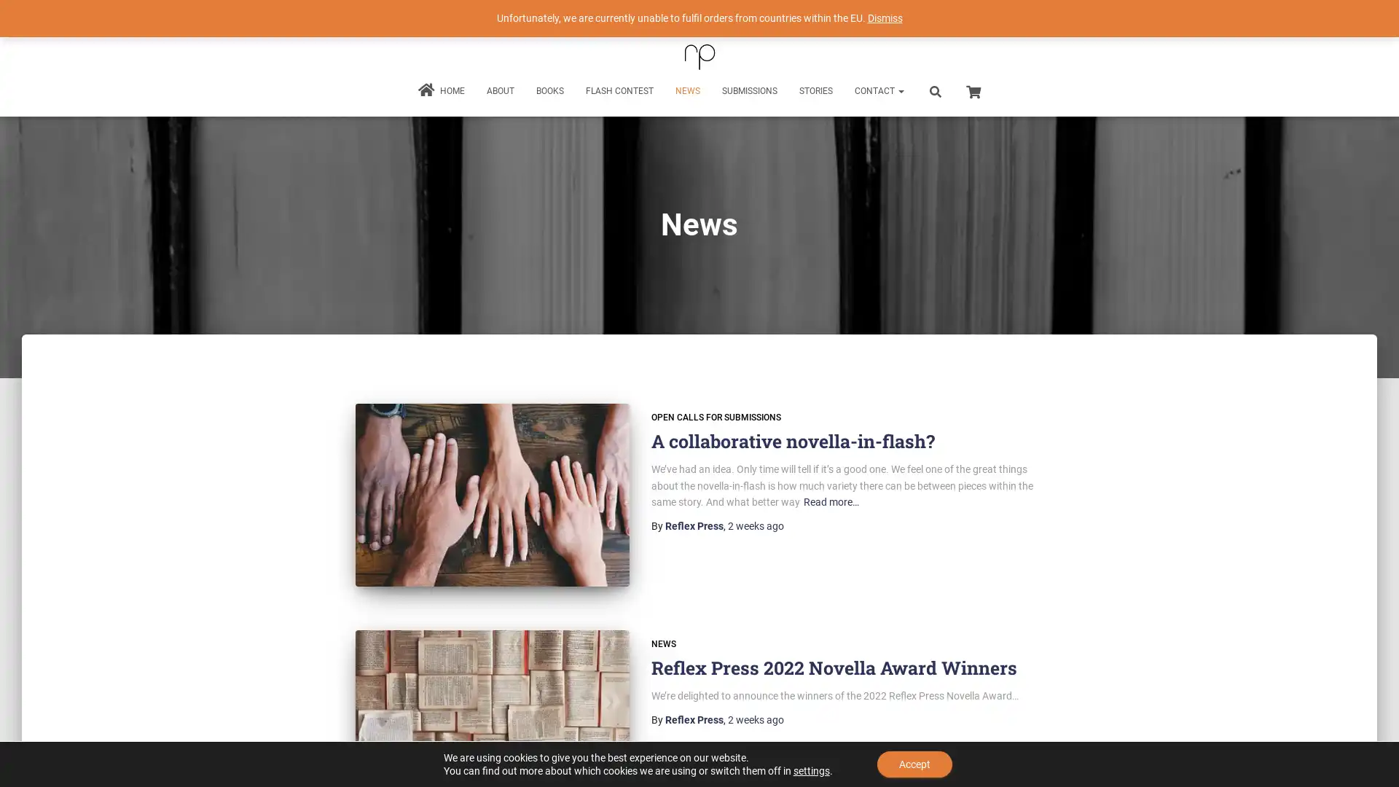 This screenshot has height=787, width=1399. I want to click on Accept, so click(914, 764).